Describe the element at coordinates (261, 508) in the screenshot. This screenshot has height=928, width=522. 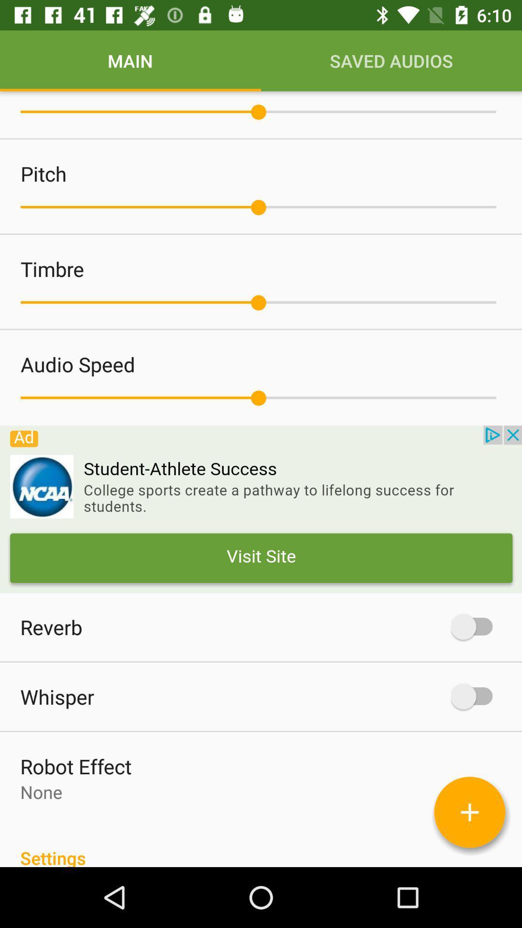
I see `advertisement` at that location.